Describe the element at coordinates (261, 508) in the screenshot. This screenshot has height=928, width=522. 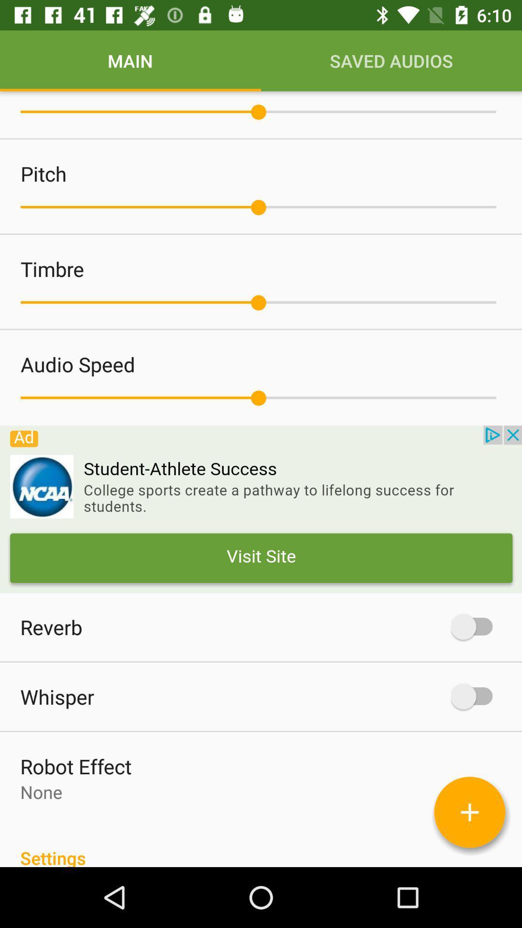
I see `advertisement` at that location.